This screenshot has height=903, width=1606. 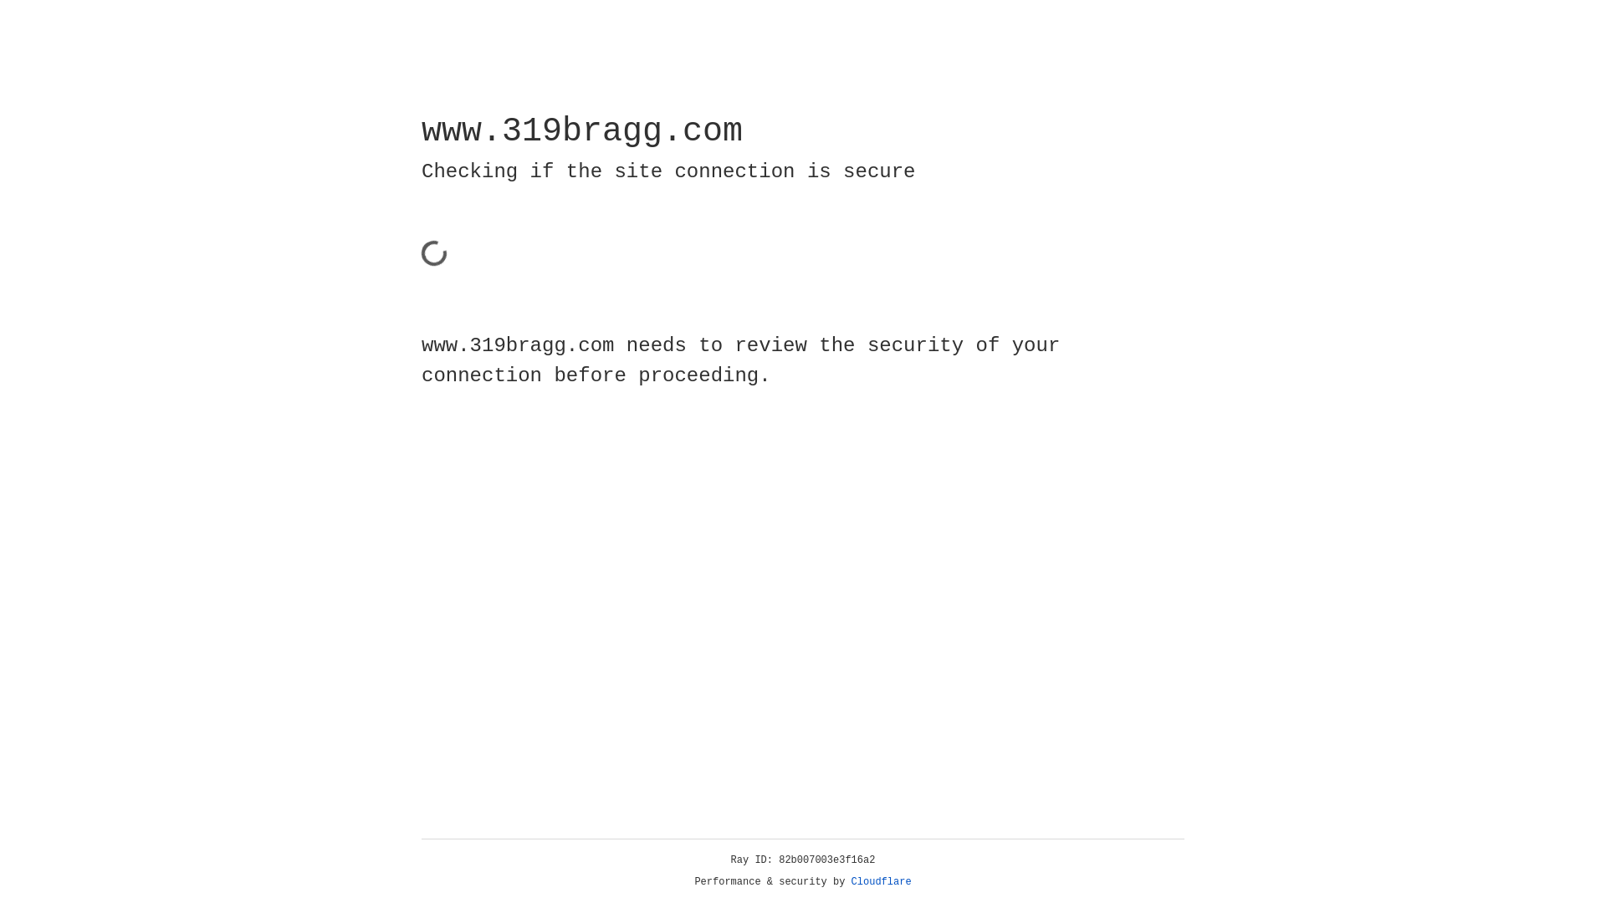 I want to click on 'Cloudflare', so click(x=851, y=881).